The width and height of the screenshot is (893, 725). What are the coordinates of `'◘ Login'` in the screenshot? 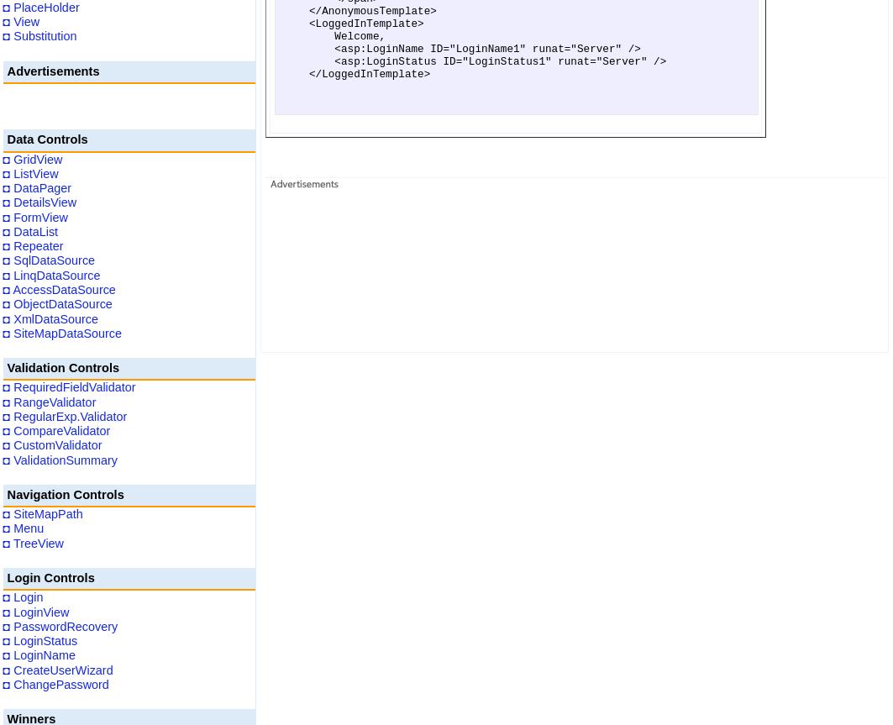 It's located at (23, 597).